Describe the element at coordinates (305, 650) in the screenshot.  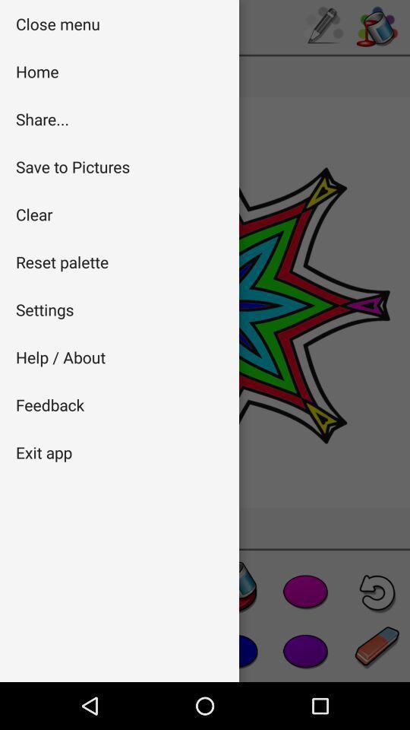
I see `the favorite icon` at that location.